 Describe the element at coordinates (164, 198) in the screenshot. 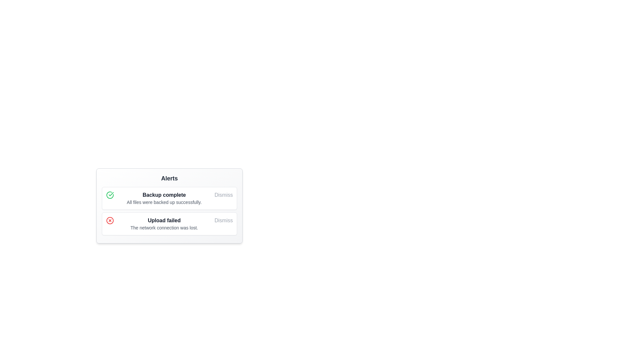

I see `notification text that indicates the completion of the backup process, located in the notification interface under the 'Alerts' header` at that location.